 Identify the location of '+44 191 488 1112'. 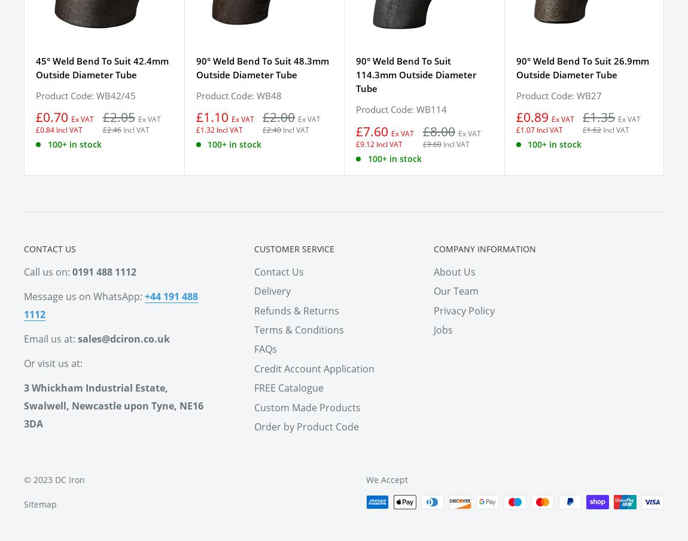
(110, 304).